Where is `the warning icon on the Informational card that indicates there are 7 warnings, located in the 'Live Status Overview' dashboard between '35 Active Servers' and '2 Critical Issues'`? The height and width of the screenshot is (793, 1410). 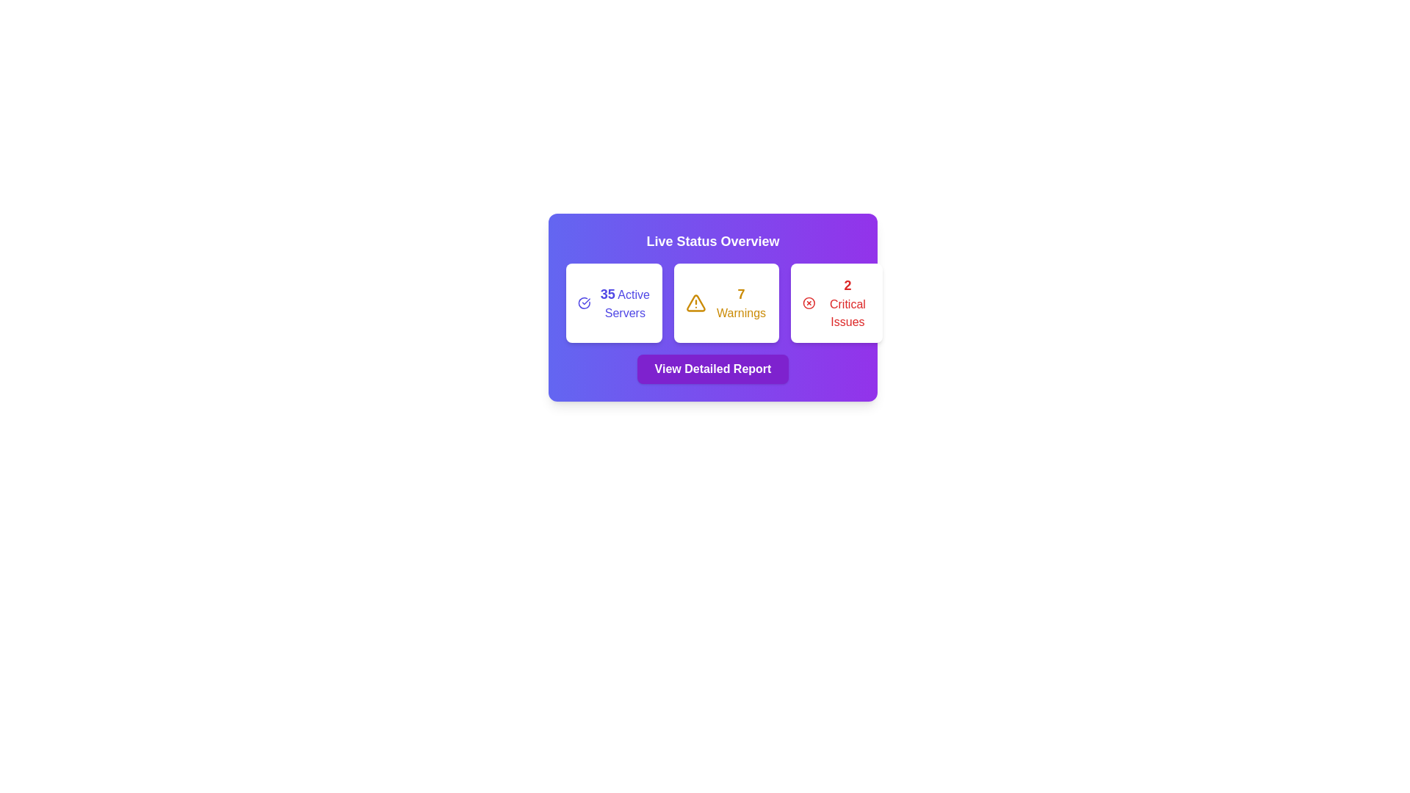
the warning icon on the Informational card that indicates there are 7 warnings, located in the 'Live Status Overview' dashboard between '35 Active Servers' and '2 Critical Issues' is located at coordinates (712, 302).